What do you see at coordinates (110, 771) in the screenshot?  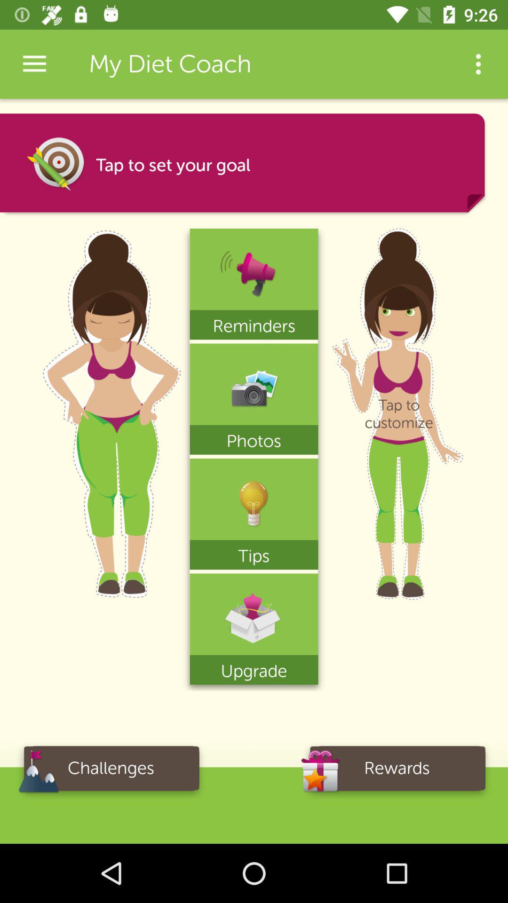 I see `challenges item` at bounding box center [110, 771].